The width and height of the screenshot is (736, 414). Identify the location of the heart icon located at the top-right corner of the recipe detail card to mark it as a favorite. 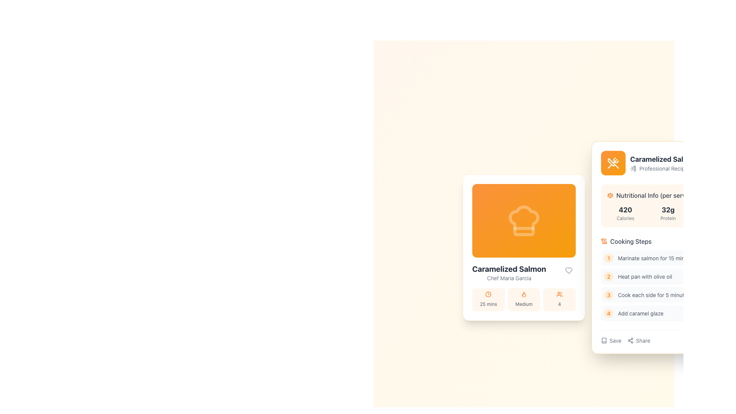
(568, 270).